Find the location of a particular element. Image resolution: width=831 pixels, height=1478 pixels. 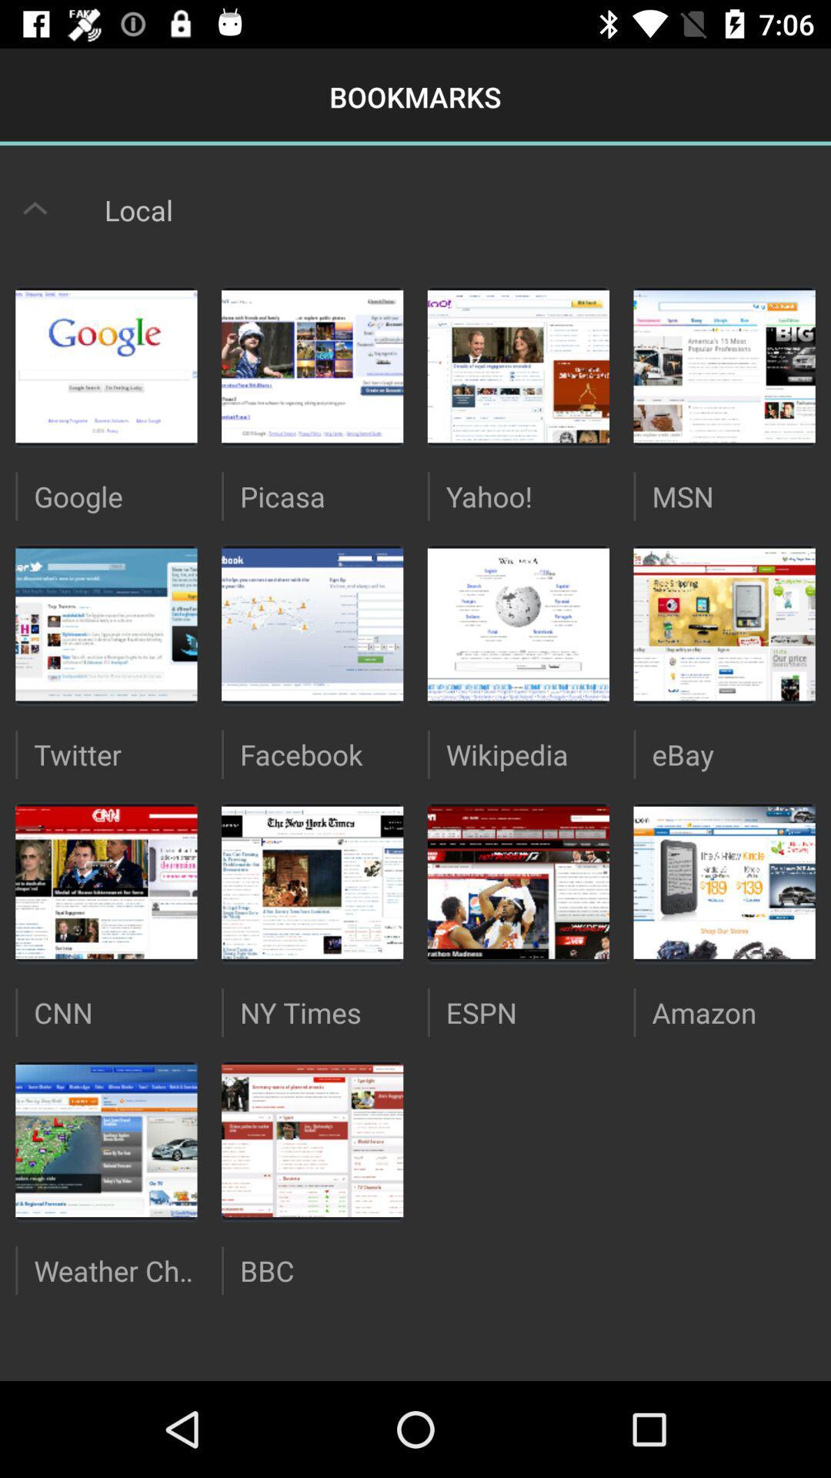

image above the text espn is located at coordinates (519, 883).